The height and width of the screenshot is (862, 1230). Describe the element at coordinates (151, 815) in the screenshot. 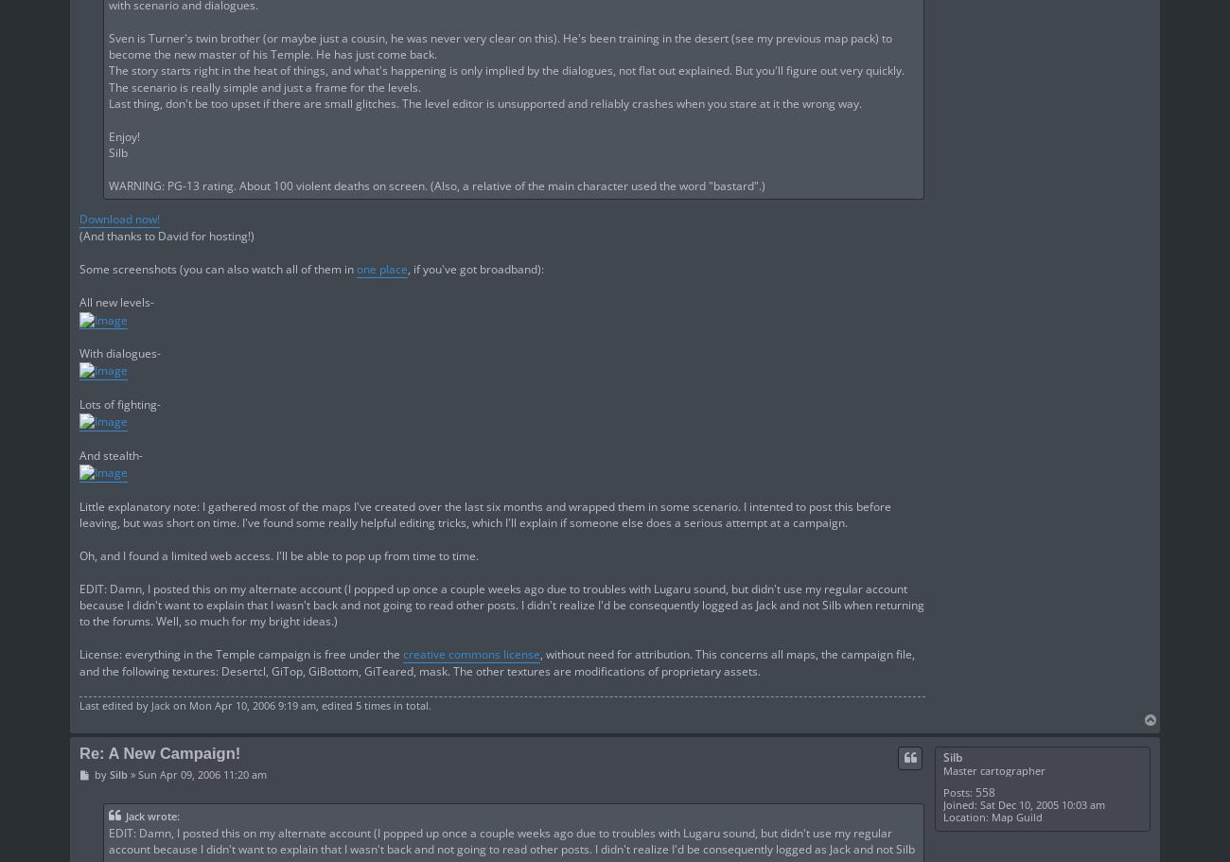

I see `'Jack wrote:'` at that location.